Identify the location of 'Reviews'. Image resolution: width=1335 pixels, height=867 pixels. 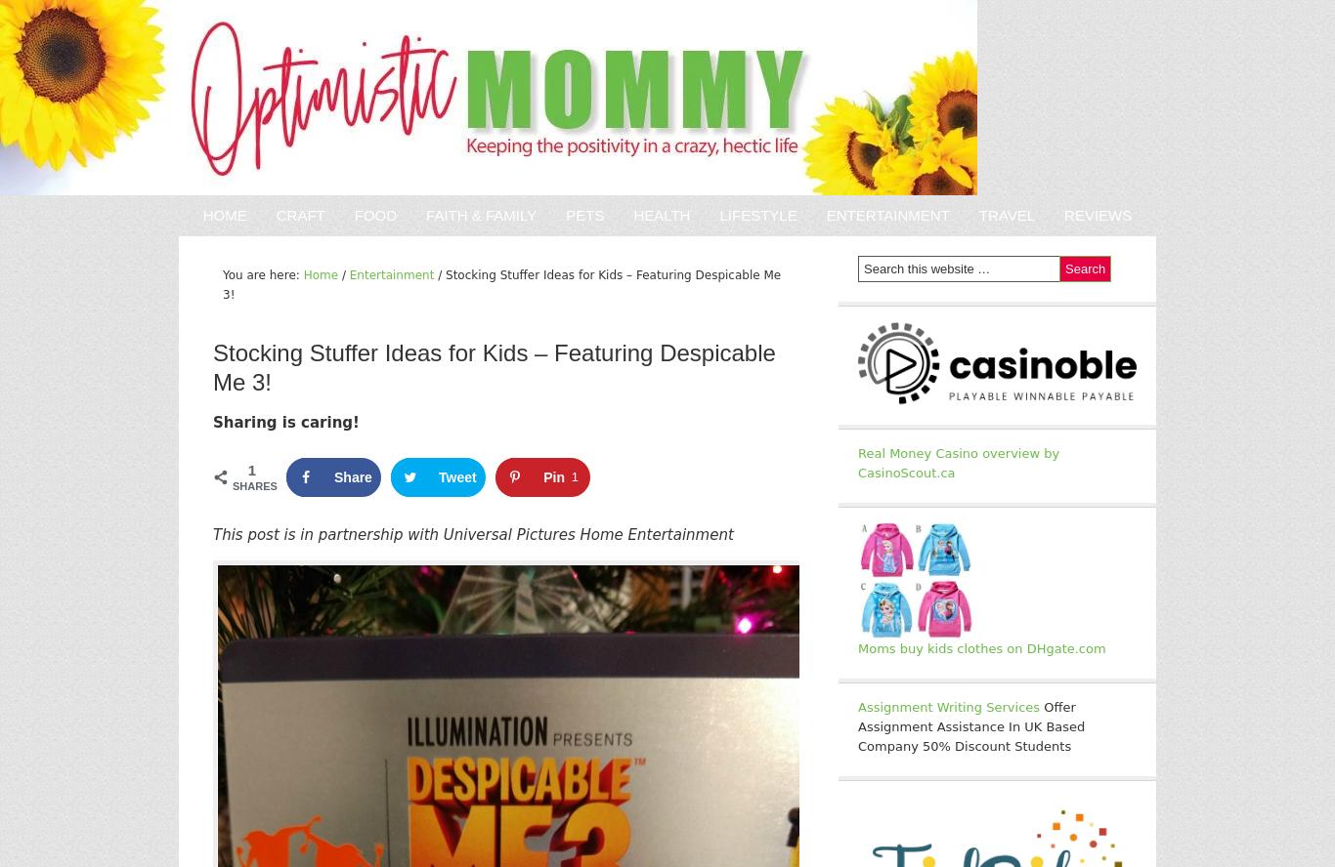
(1097, 214).